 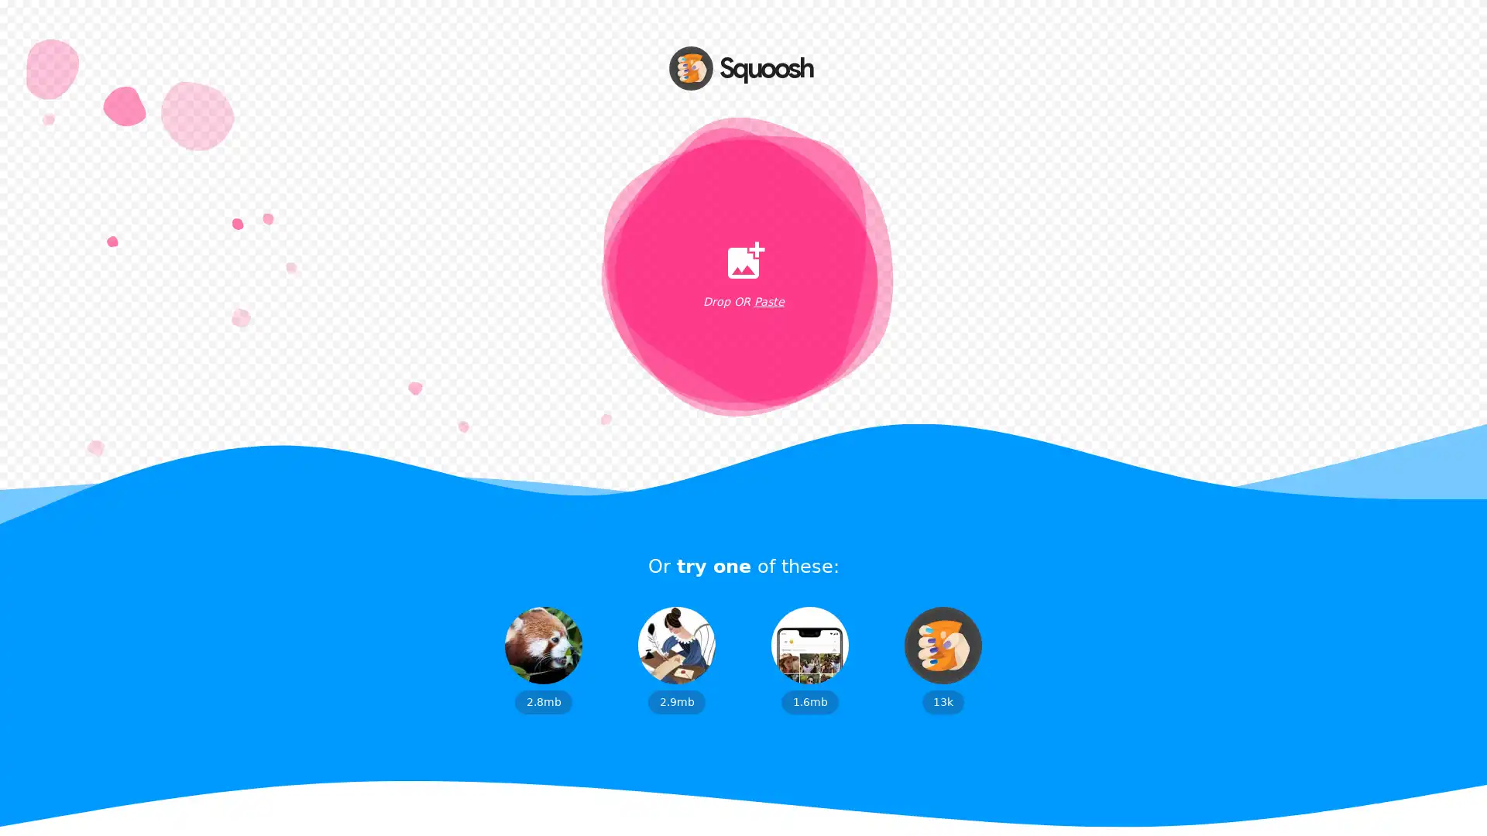 I want to click on Paste, so click(x=768, y=302).